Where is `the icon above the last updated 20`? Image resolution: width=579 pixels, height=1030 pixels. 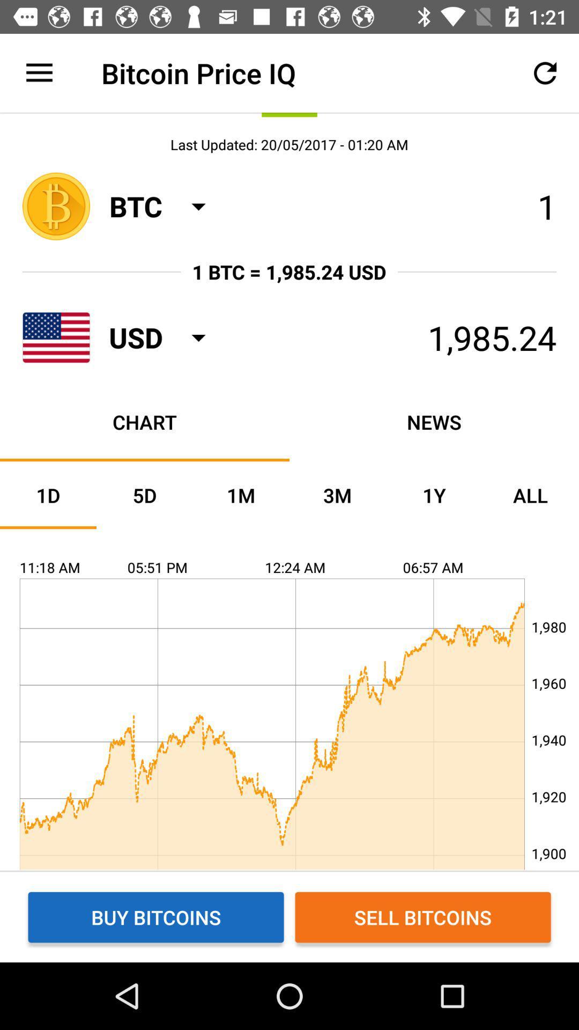
the icon above the last updated 20 is located at coordinates (545, 72).